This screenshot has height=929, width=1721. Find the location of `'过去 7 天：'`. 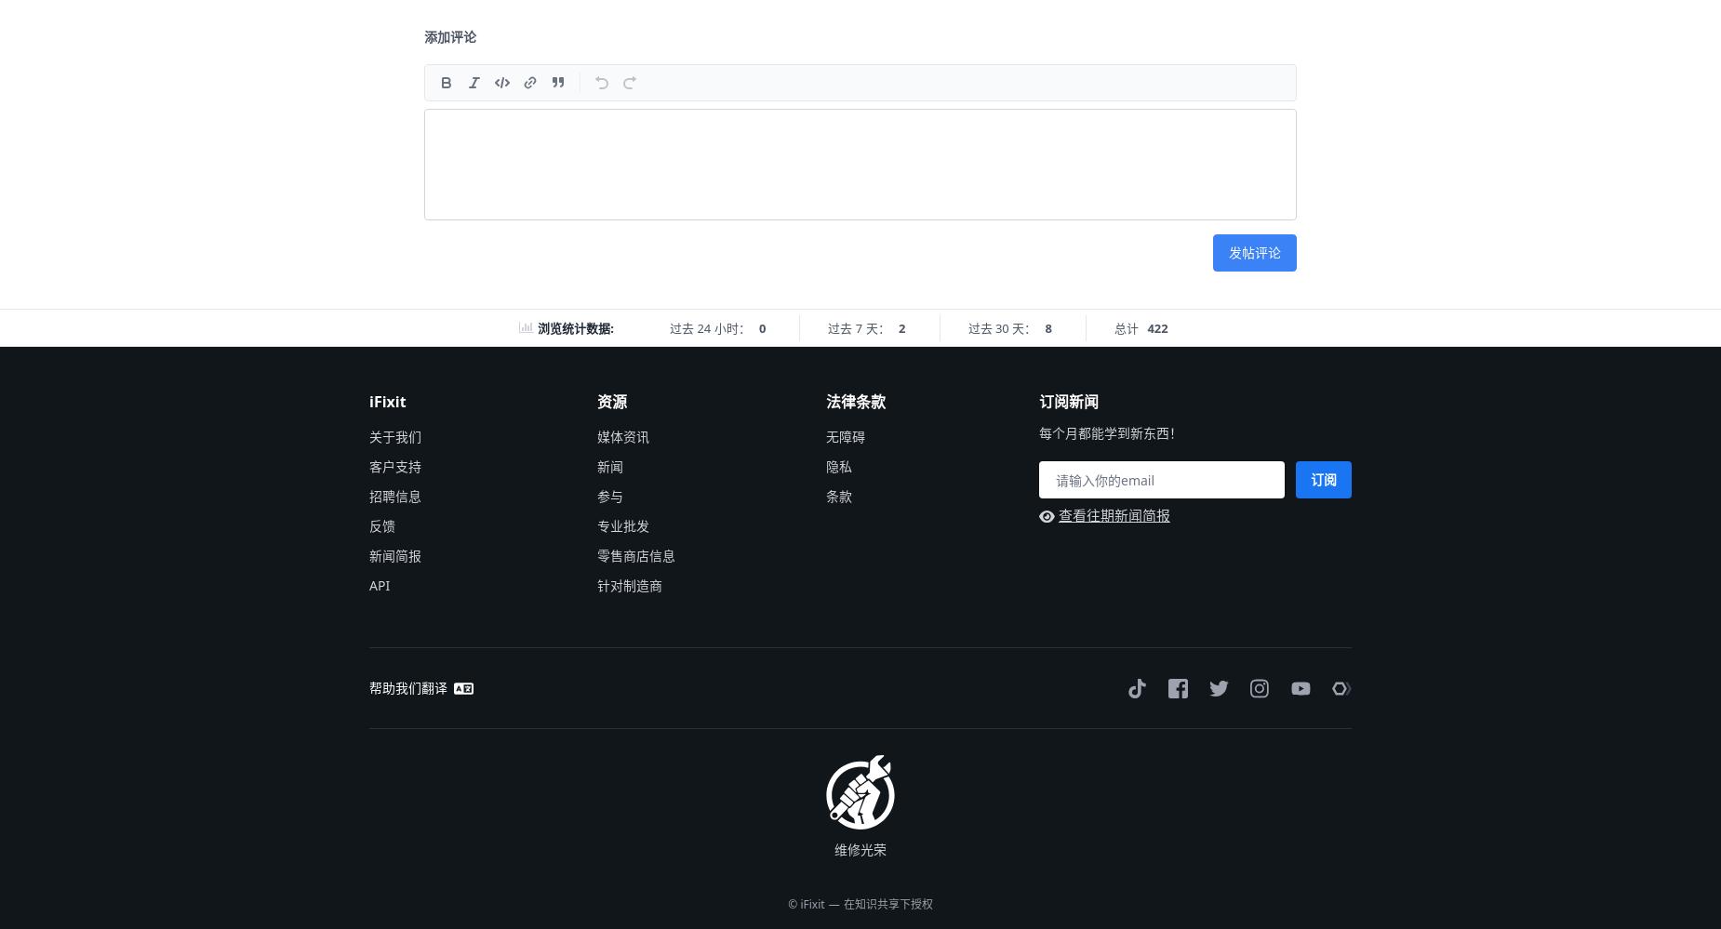

'过去 7 天：' is located at coordinates (858, 327).